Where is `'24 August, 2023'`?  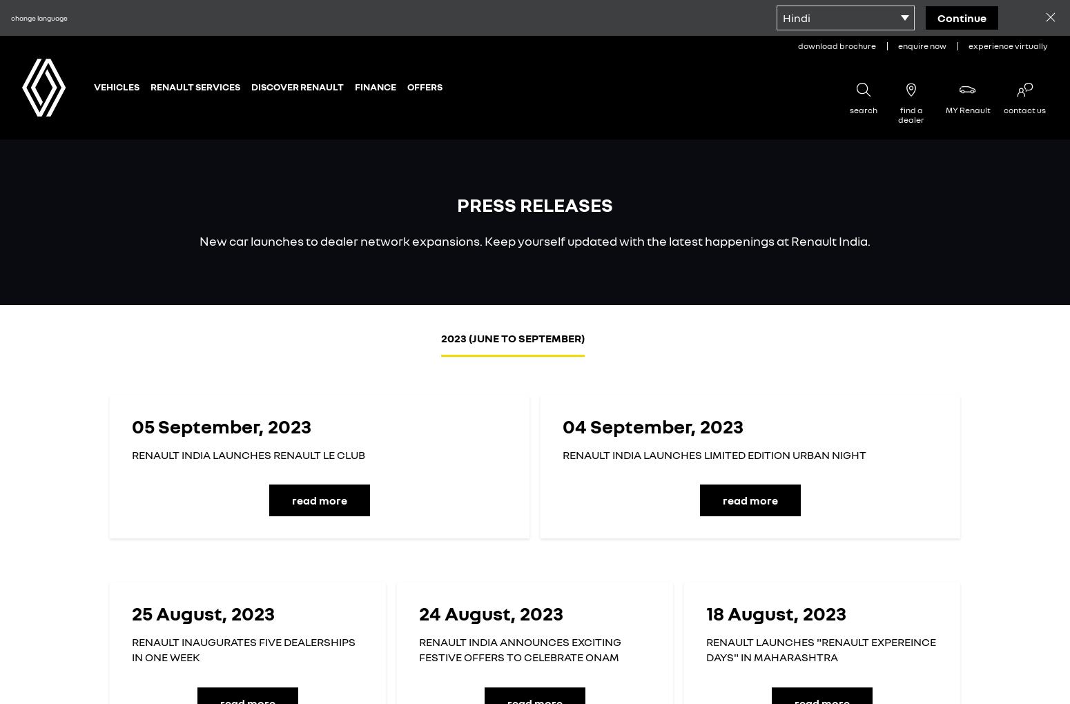 '24 August, 2023' is located at coordinates (491, 612).